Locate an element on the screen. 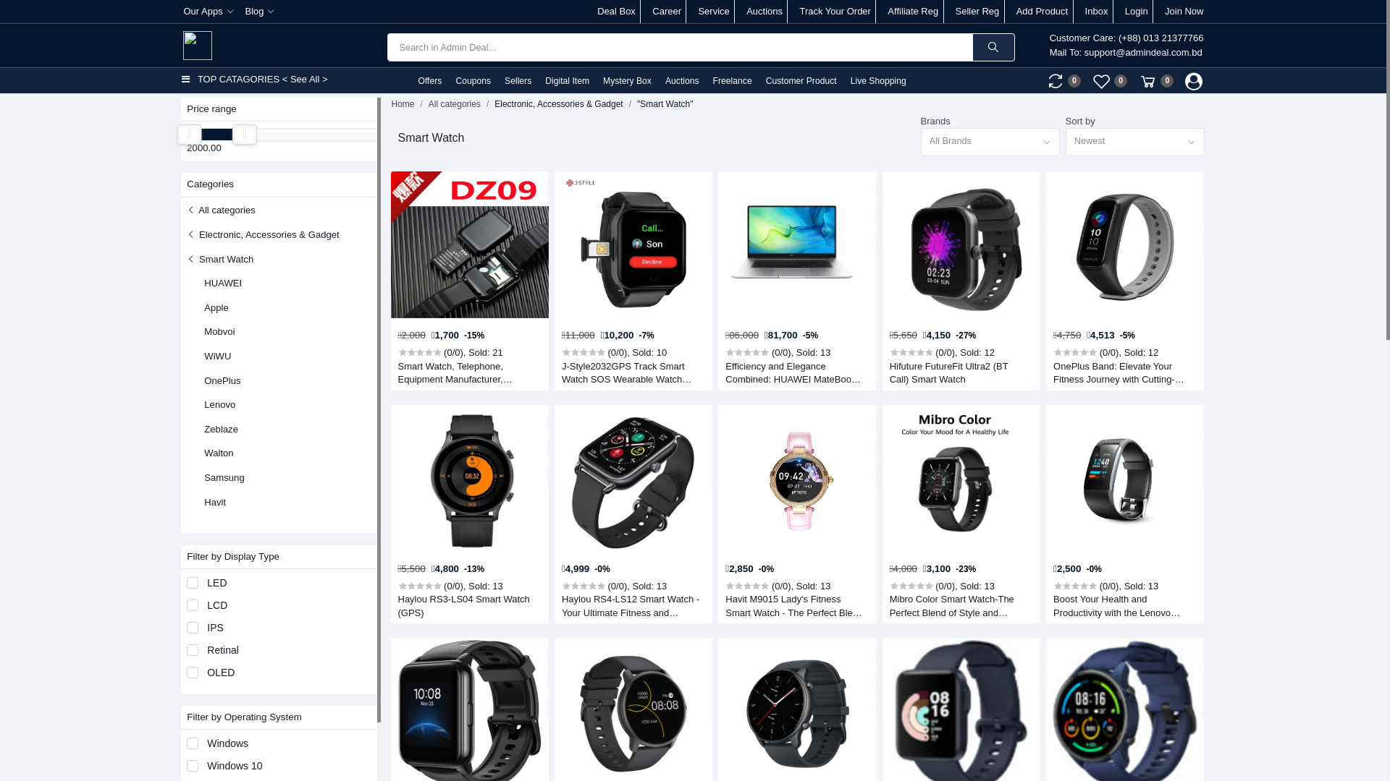  'Blog' is located at coordinates (259, 11).